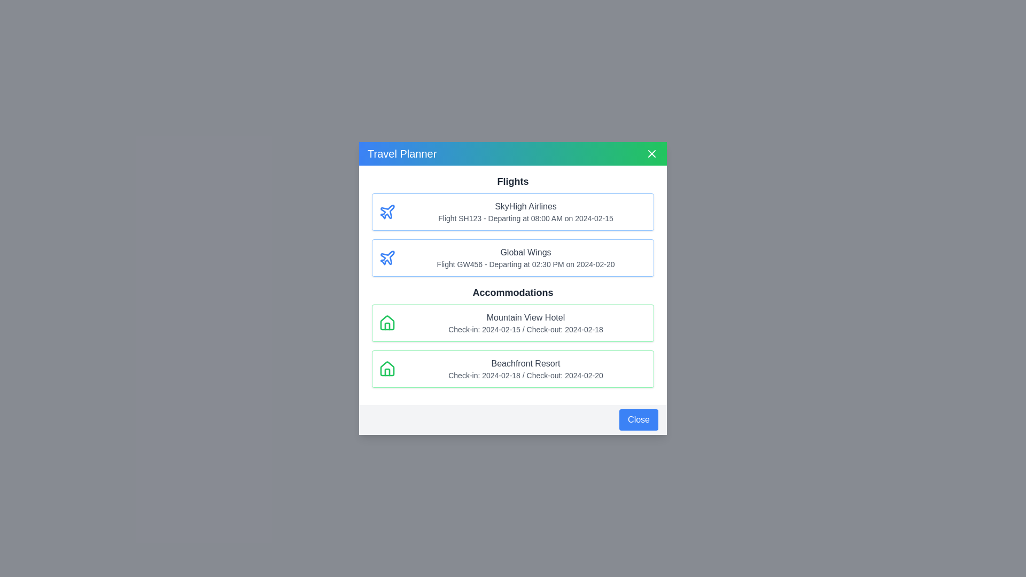 The width and height of the screenshot is (1026, 577). What do you see at coordinates (525, 323) in the screenshot?
I see `accommodation information displayed in the Text Display for 'Mountain View Hotel,' located below the heading 'Accommodations' in the 'Travel Planner' dialog box` at bounding box center [525, 323].